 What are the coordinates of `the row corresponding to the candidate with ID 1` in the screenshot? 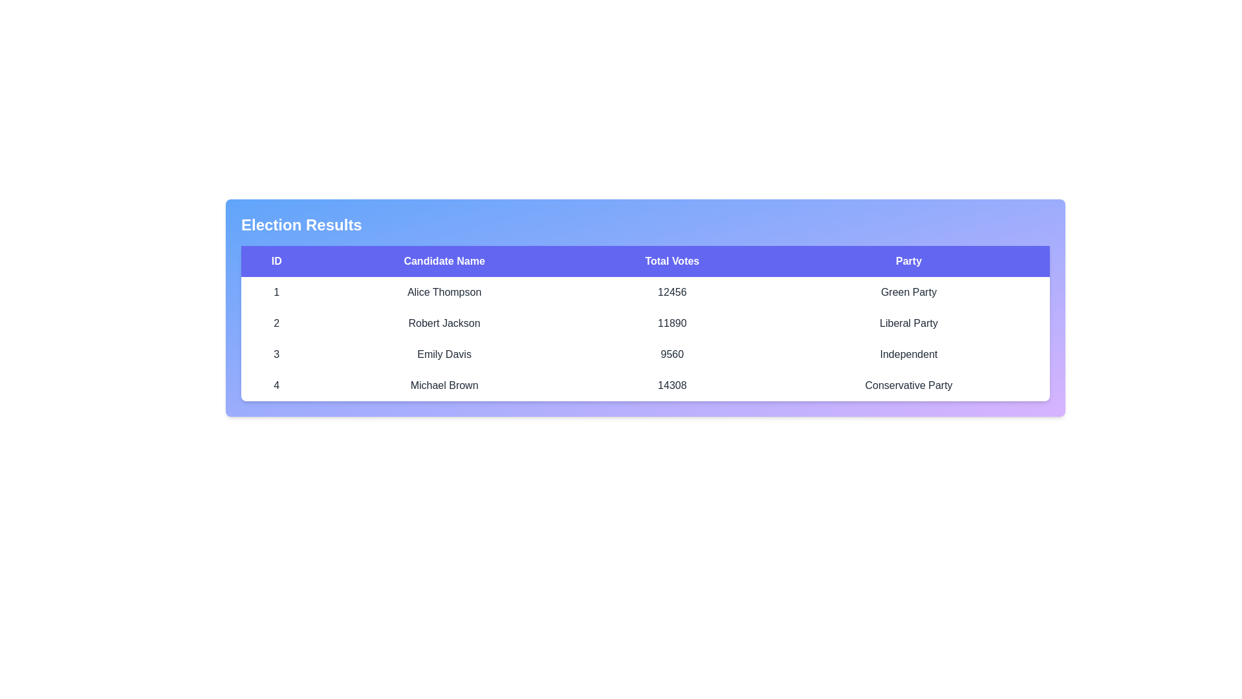 It's located at (646, 292).